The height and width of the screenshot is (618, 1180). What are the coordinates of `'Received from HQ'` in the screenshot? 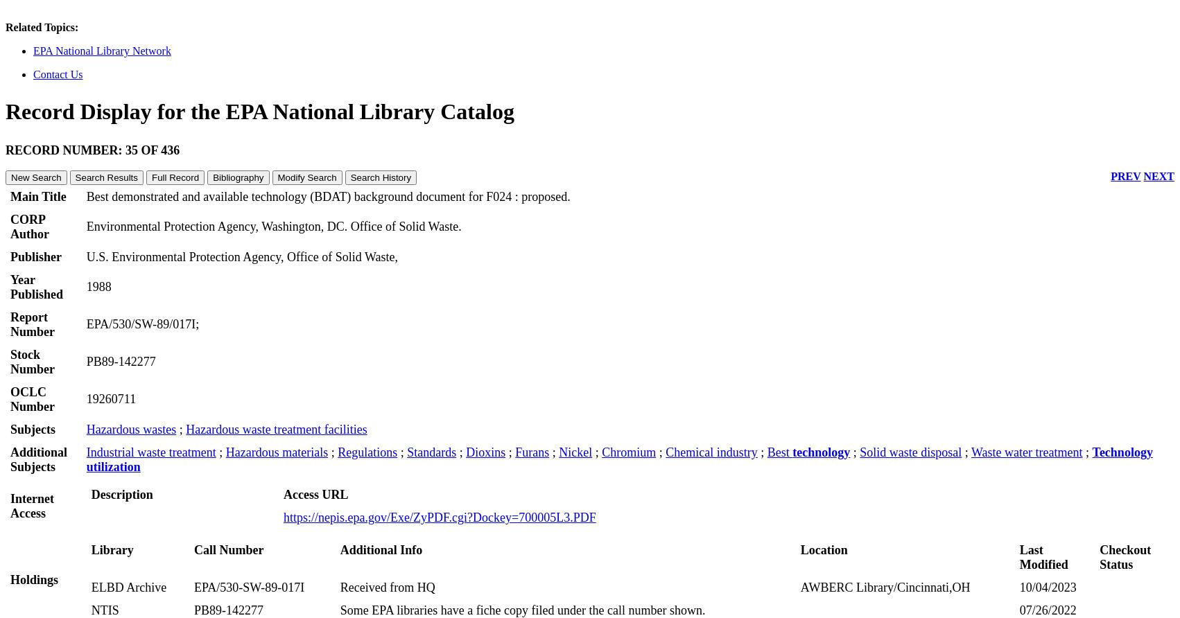 It's located at (386, 586).